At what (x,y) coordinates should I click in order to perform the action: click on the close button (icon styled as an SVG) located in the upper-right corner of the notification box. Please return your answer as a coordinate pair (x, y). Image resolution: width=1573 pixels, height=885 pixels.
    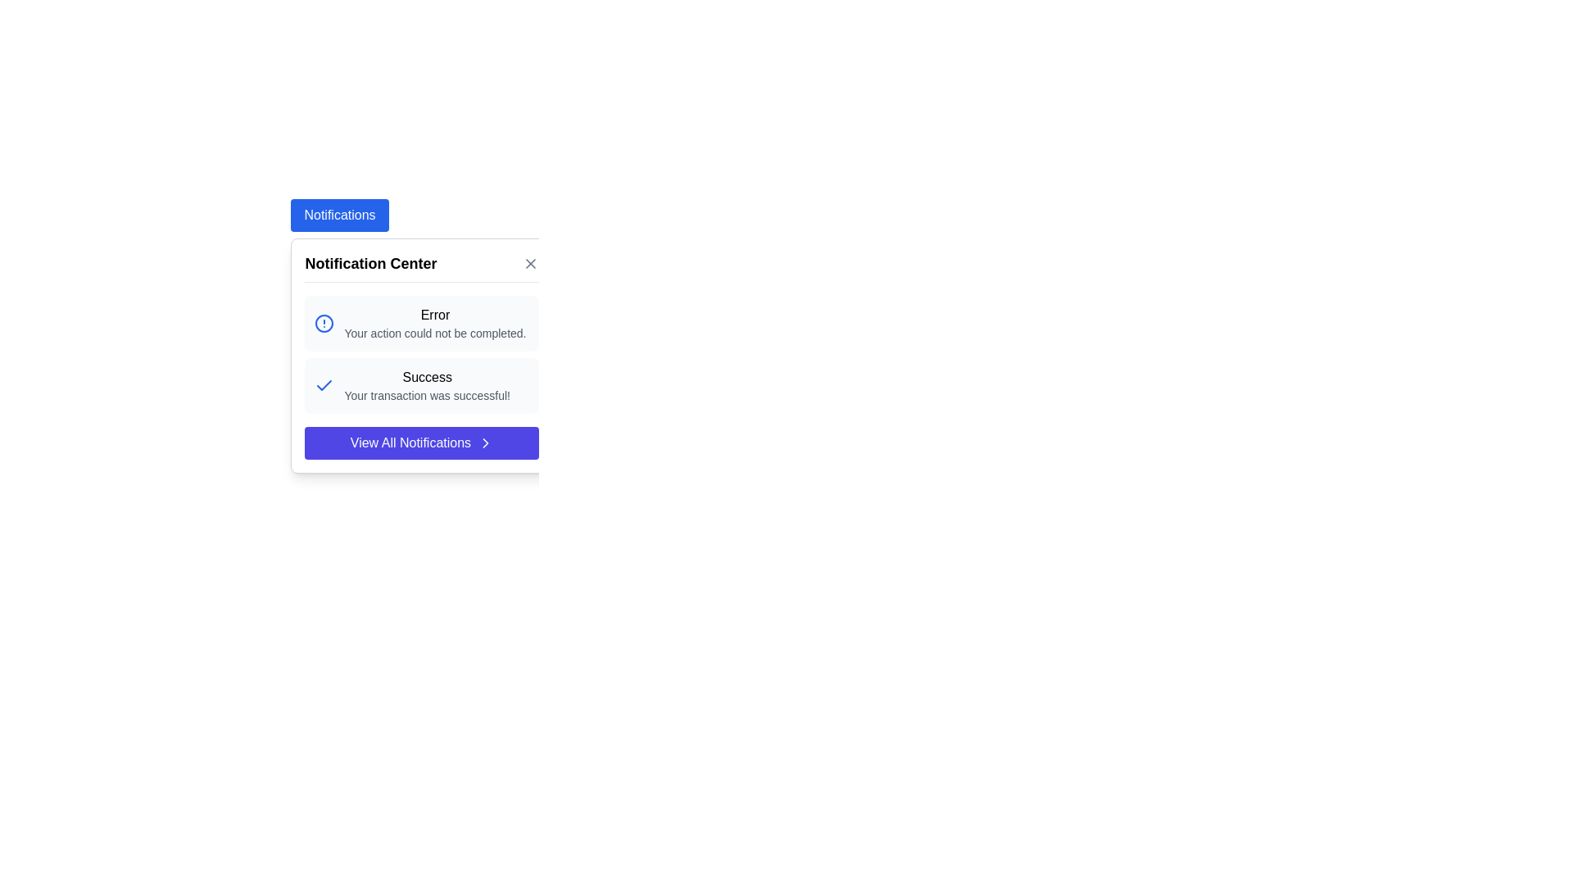
    Looking at the image, I should click on (531, 262).